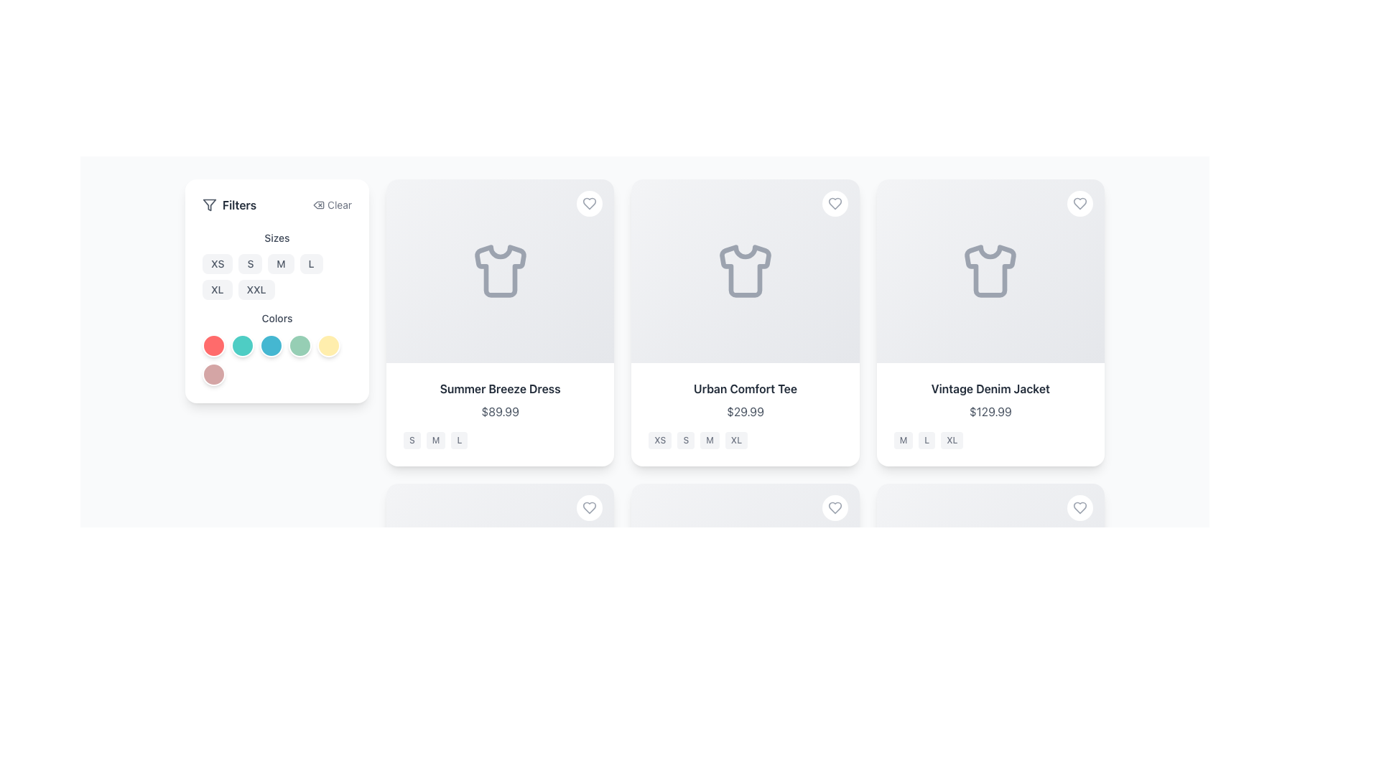 Image resolution: width=1379 pixels, height=775 pixels. What do you see at coordinates (1079, 204) in the screenshot?
I see `the like icon located in the top-right corner of the 'Vintage Denim Jacket' product card, adjacent to the product image` at bounding box center [1079, 204].